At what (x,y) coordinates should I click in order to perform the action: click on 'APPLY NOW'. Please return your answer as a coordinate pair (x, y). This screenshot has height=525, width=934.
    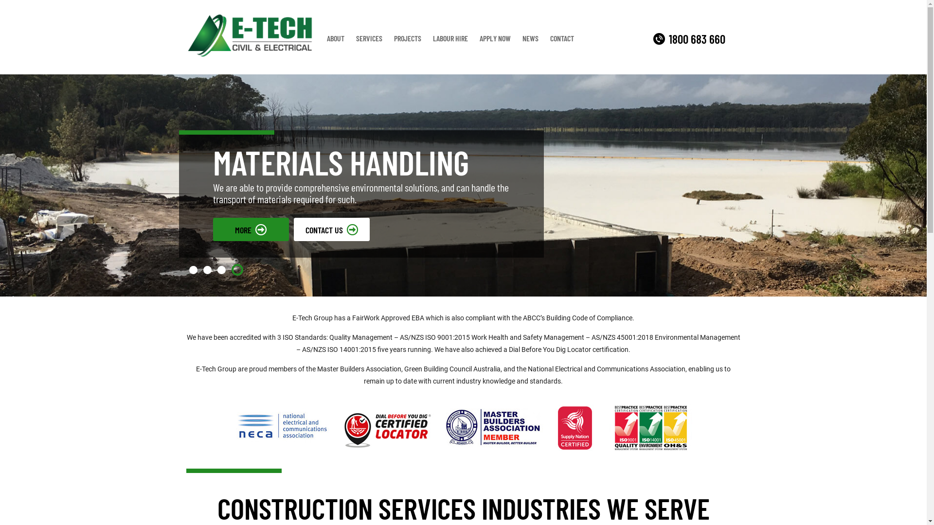
    Looking at the image, I should click on (495, 37).